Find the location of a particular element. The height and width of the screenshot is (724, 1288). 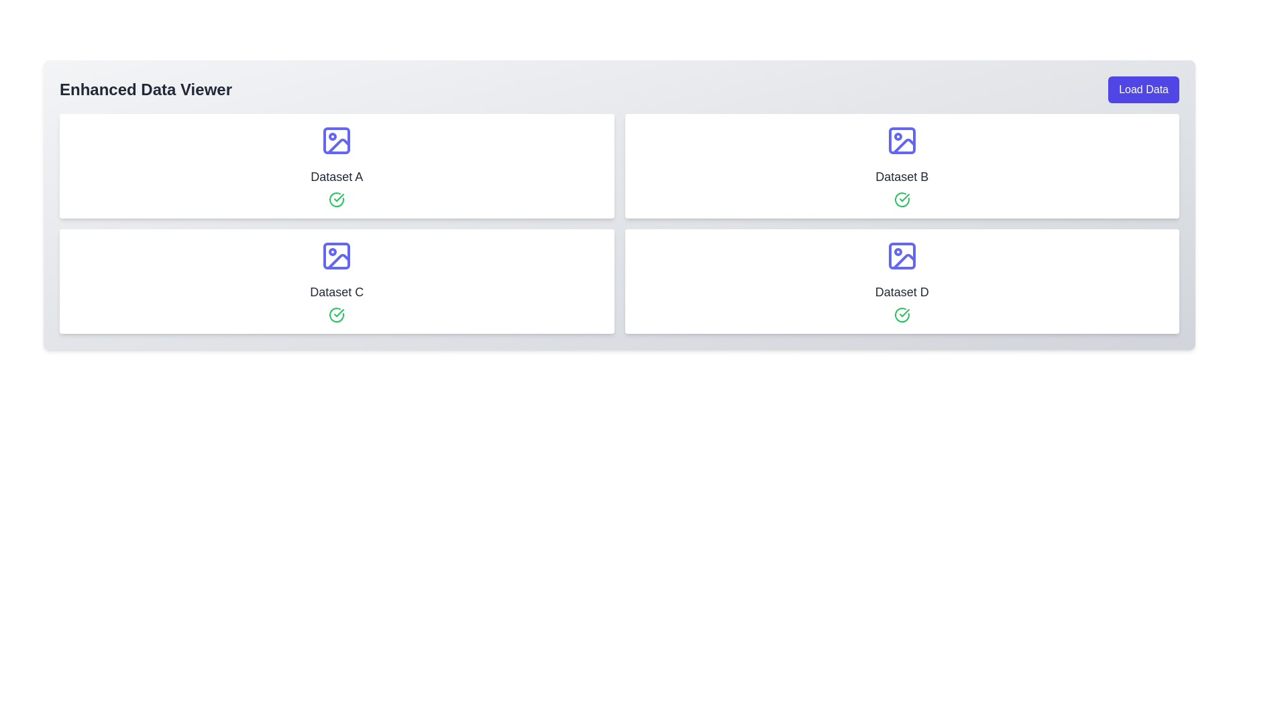

the decorative rectangle element, which is a rounded blue rectangle located within the 'Dataset C' section, positioned in the bottom-left quadrant of the layout is located at coordinates (337, 255).